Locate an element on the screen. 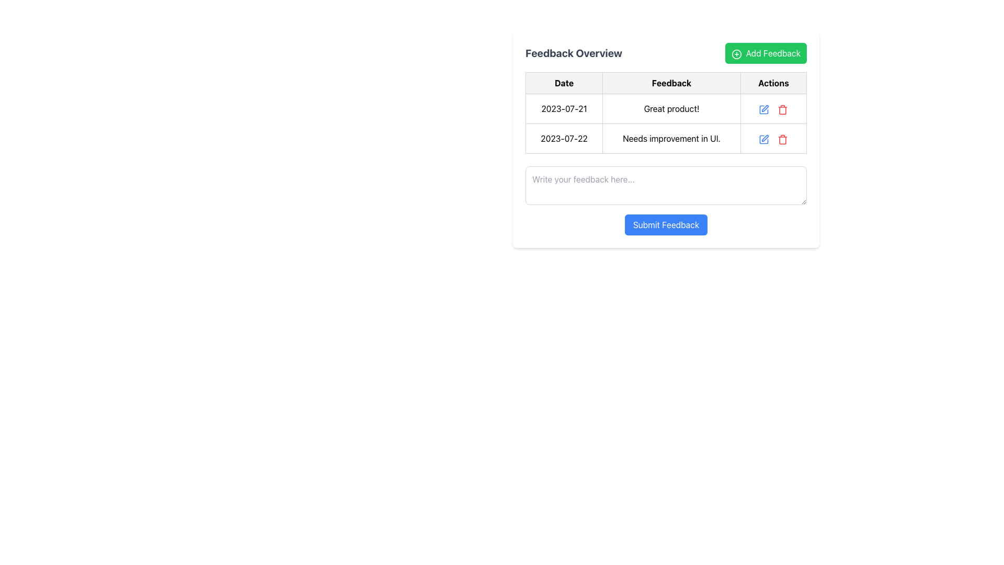 This screenshot has height=565, width=1004. the first icon button in the 'Actions' column of the second row of the feedback table is located at coordinates (764, 109).